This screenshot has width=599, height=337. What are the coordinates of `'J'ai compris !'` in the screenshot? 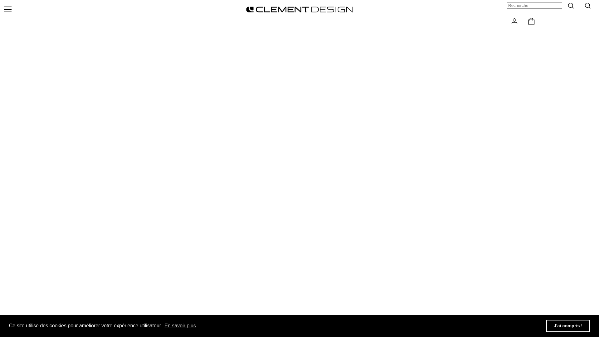 It's located at (568, 325).